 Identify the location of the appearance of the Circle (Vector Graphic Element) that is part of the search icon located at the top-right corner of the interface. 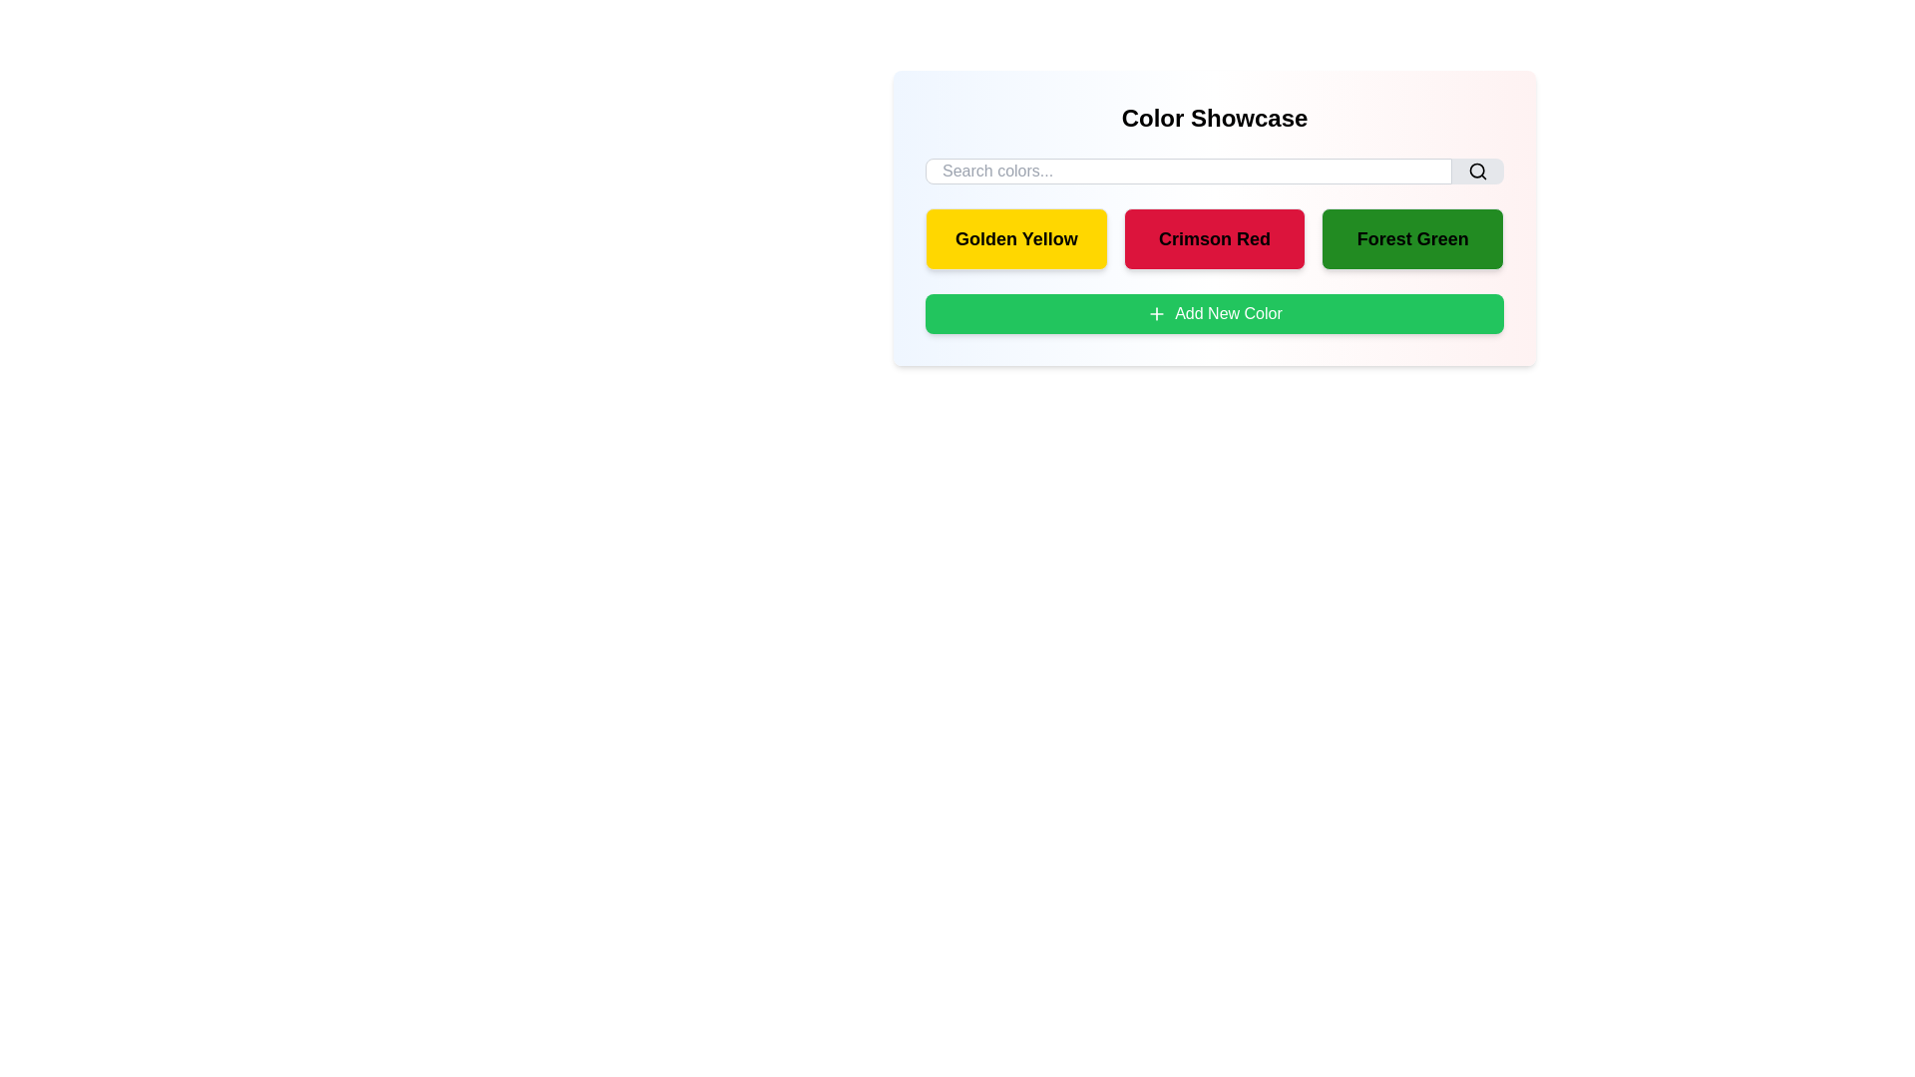
(1477, 170).